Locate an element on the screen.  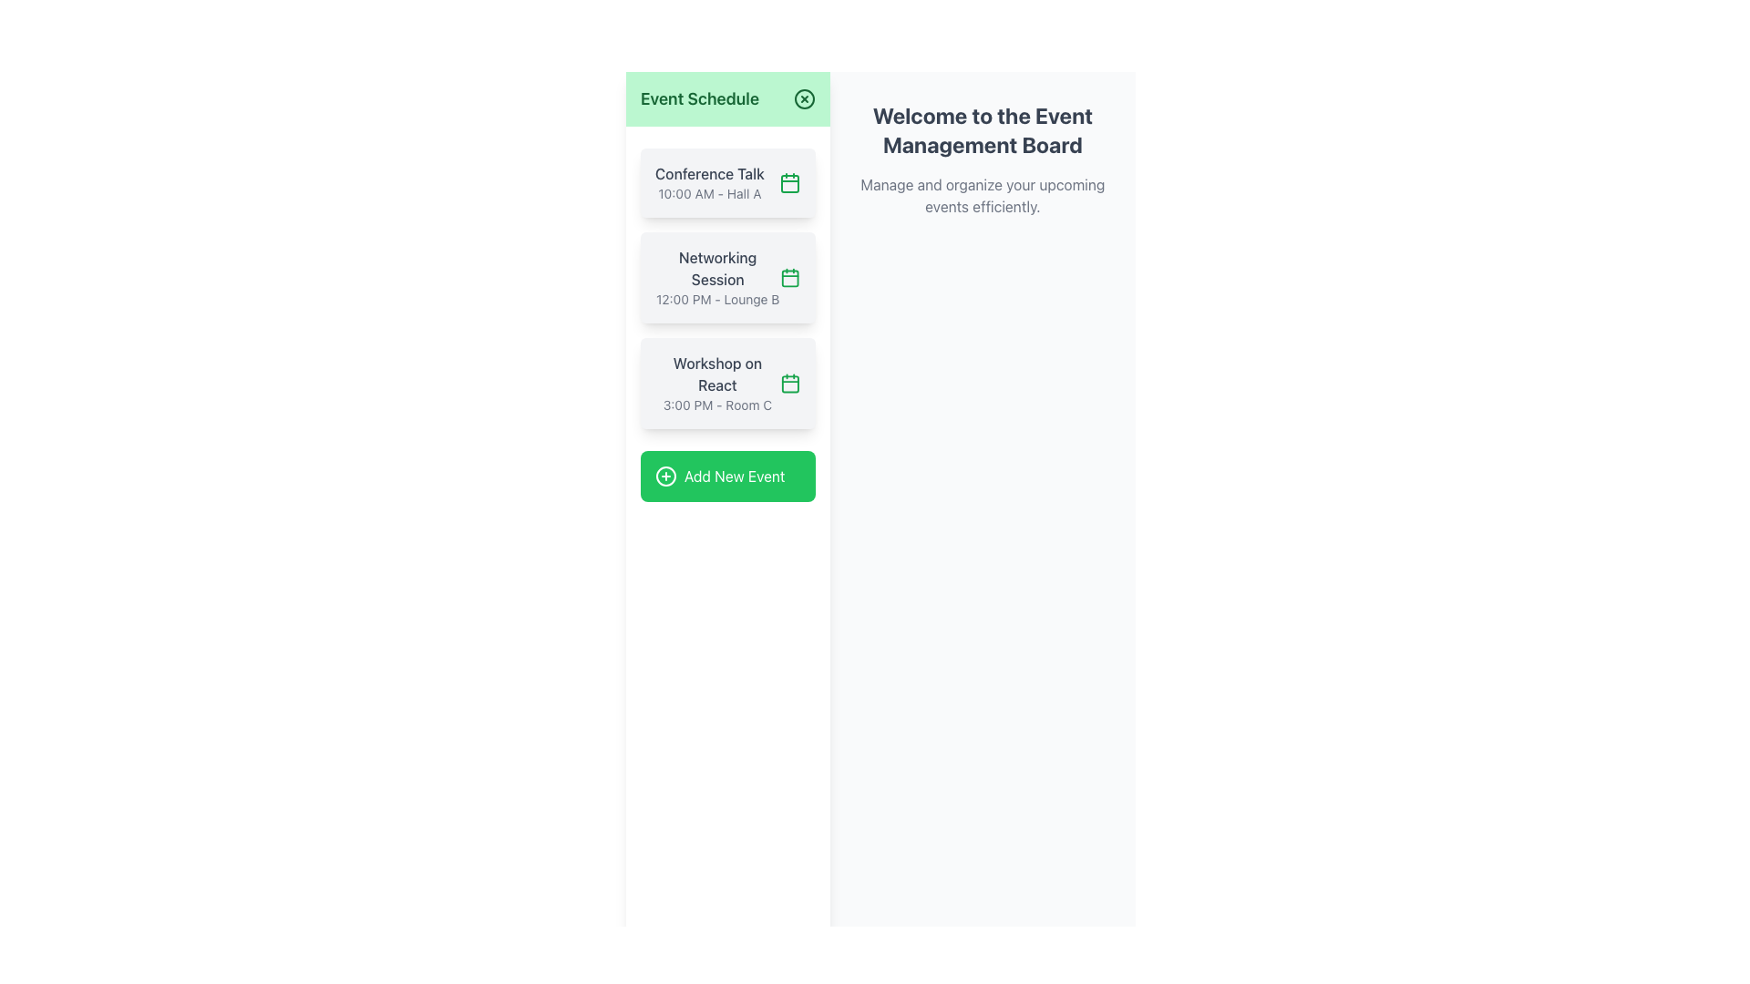
the calendar icon with a green outline located to the right of the text 'Workshop on React' is located at coordinates (790, 382).